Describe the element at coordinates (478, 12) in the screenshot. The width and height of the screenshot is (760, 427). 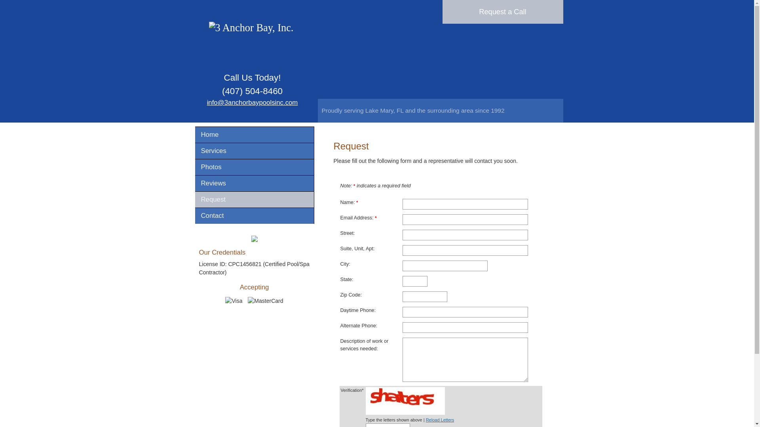
I see `'Request a Call'` at that location.